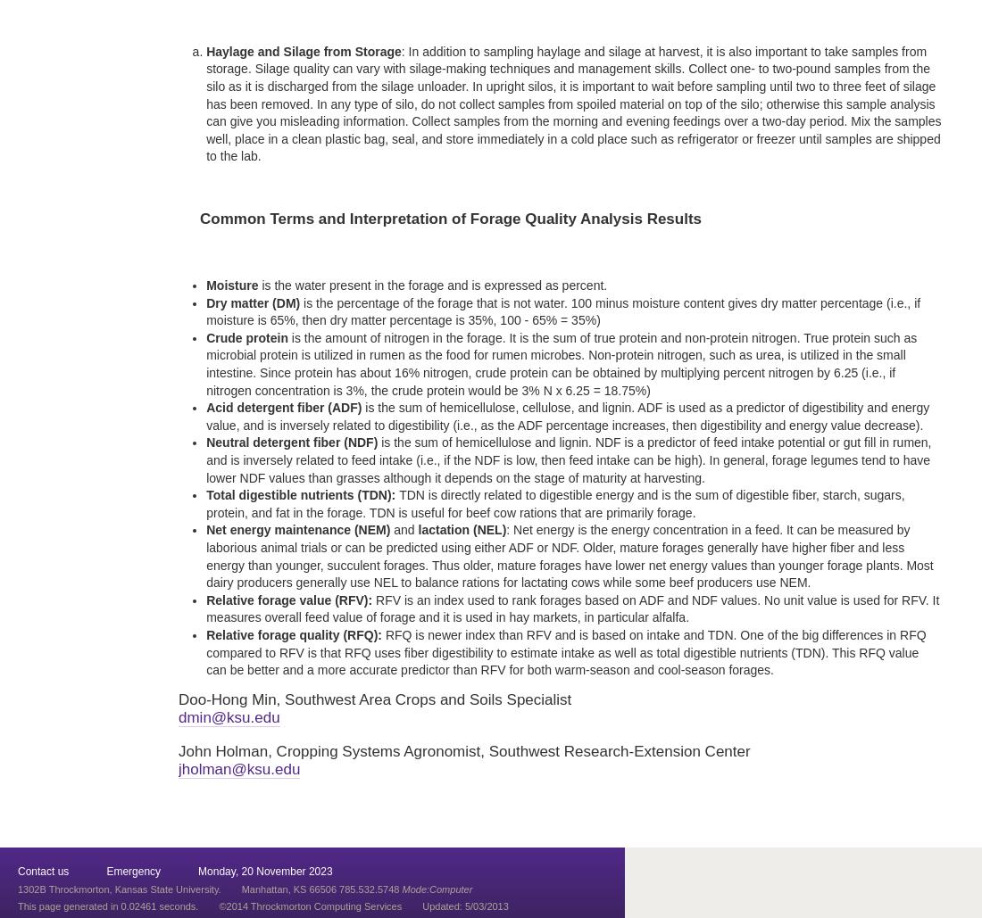 The width and height of the screenshot is (982, 918). I want to click on 'is the water present in the forage and is expressed as percent.', so click(432, 285).